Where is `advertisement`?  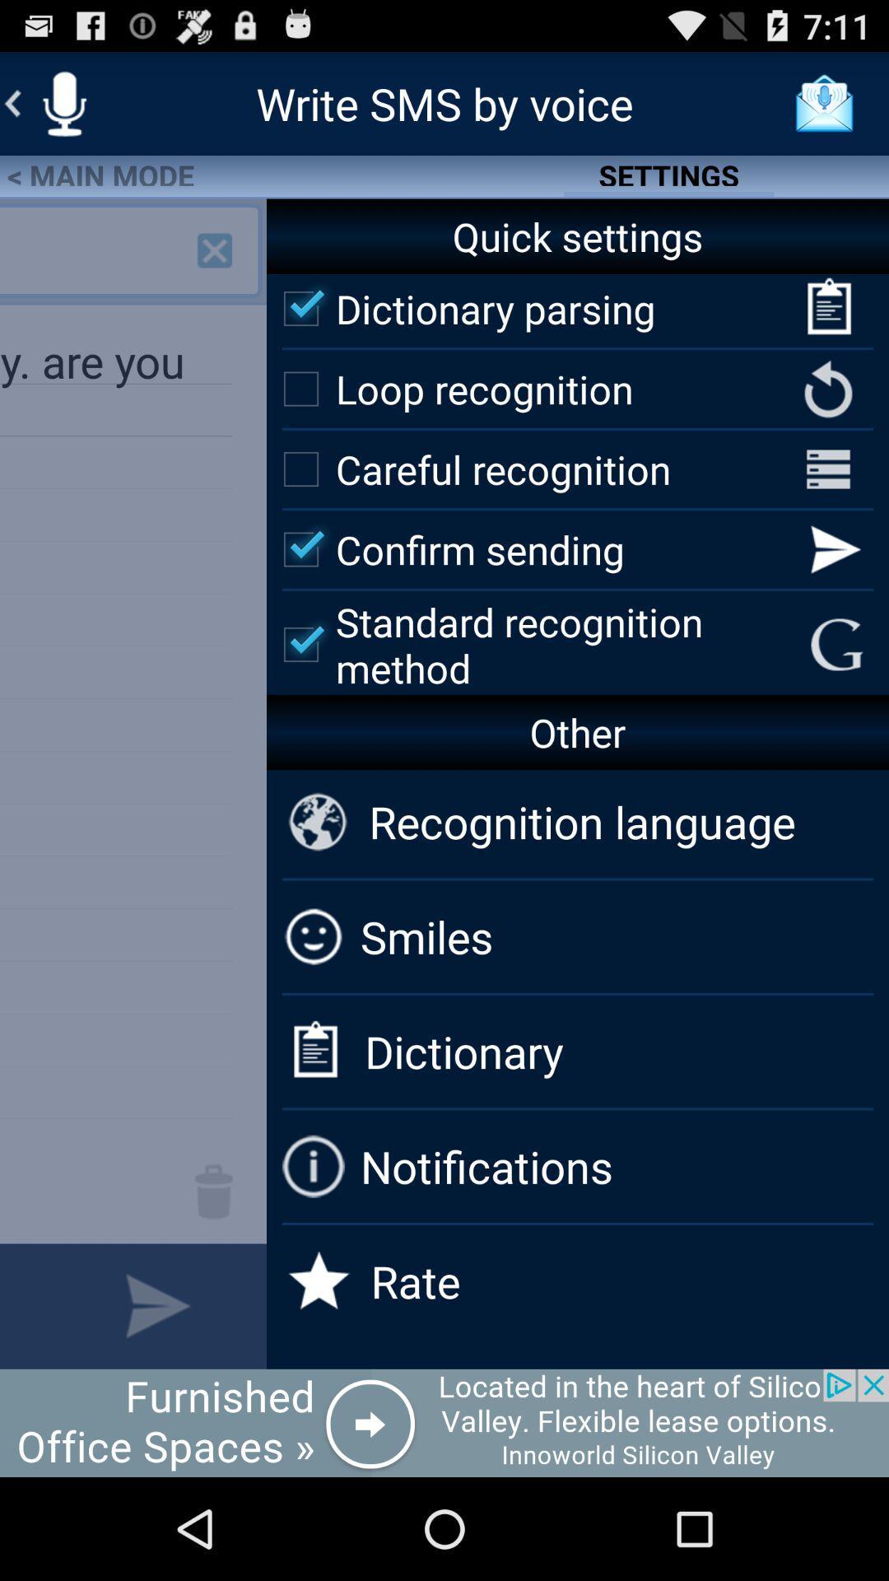
advertisement is located at coordinates (444, 1422).